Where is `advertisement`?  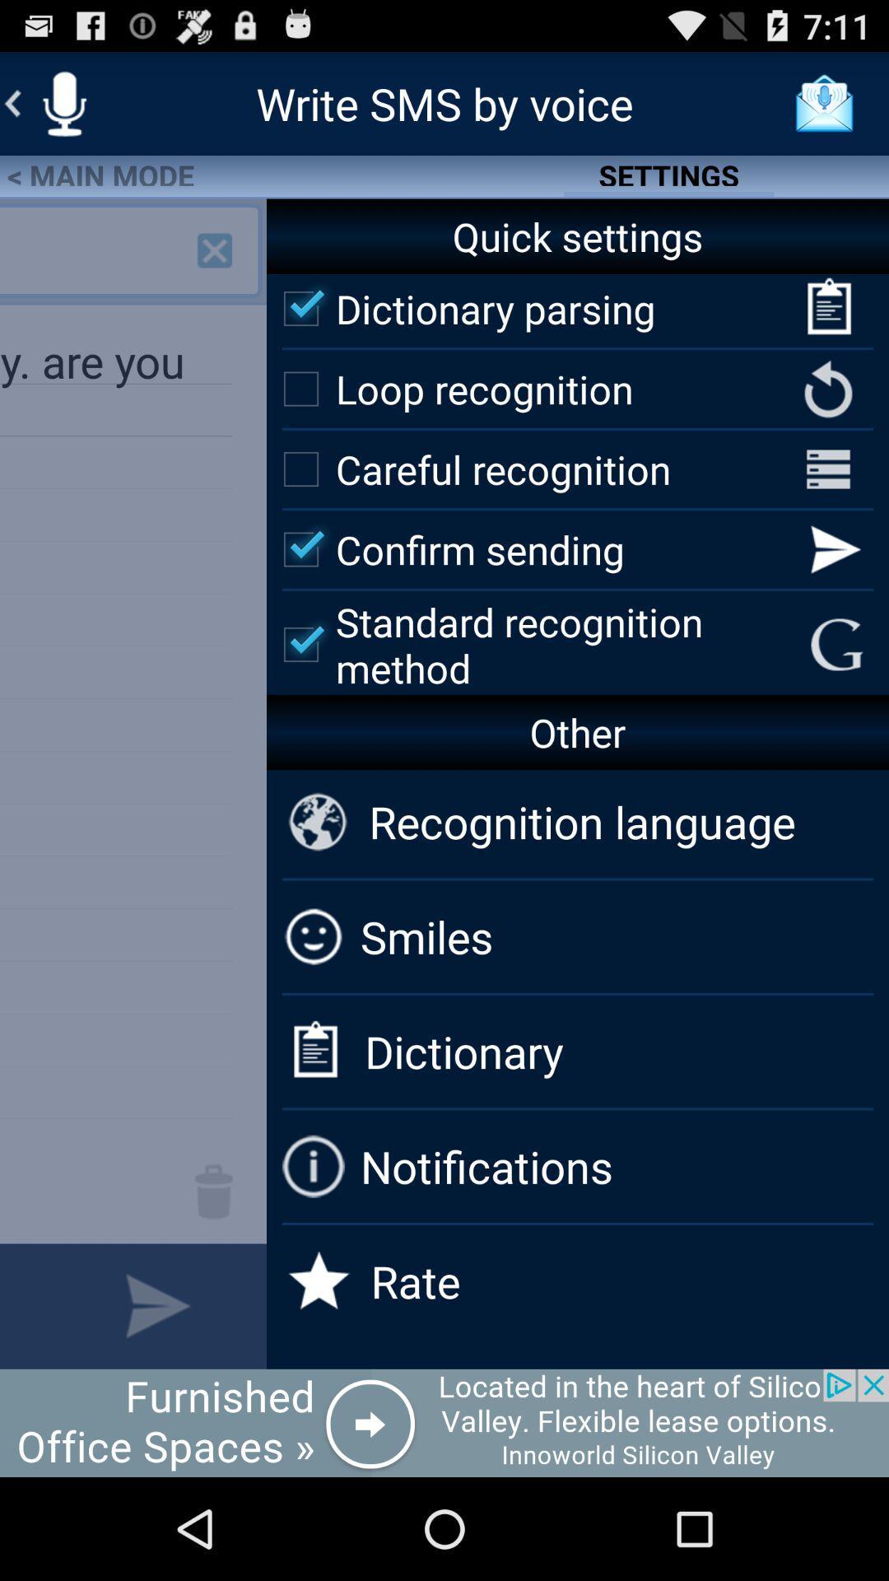
advertisement is located at coordinates (444, 1422).